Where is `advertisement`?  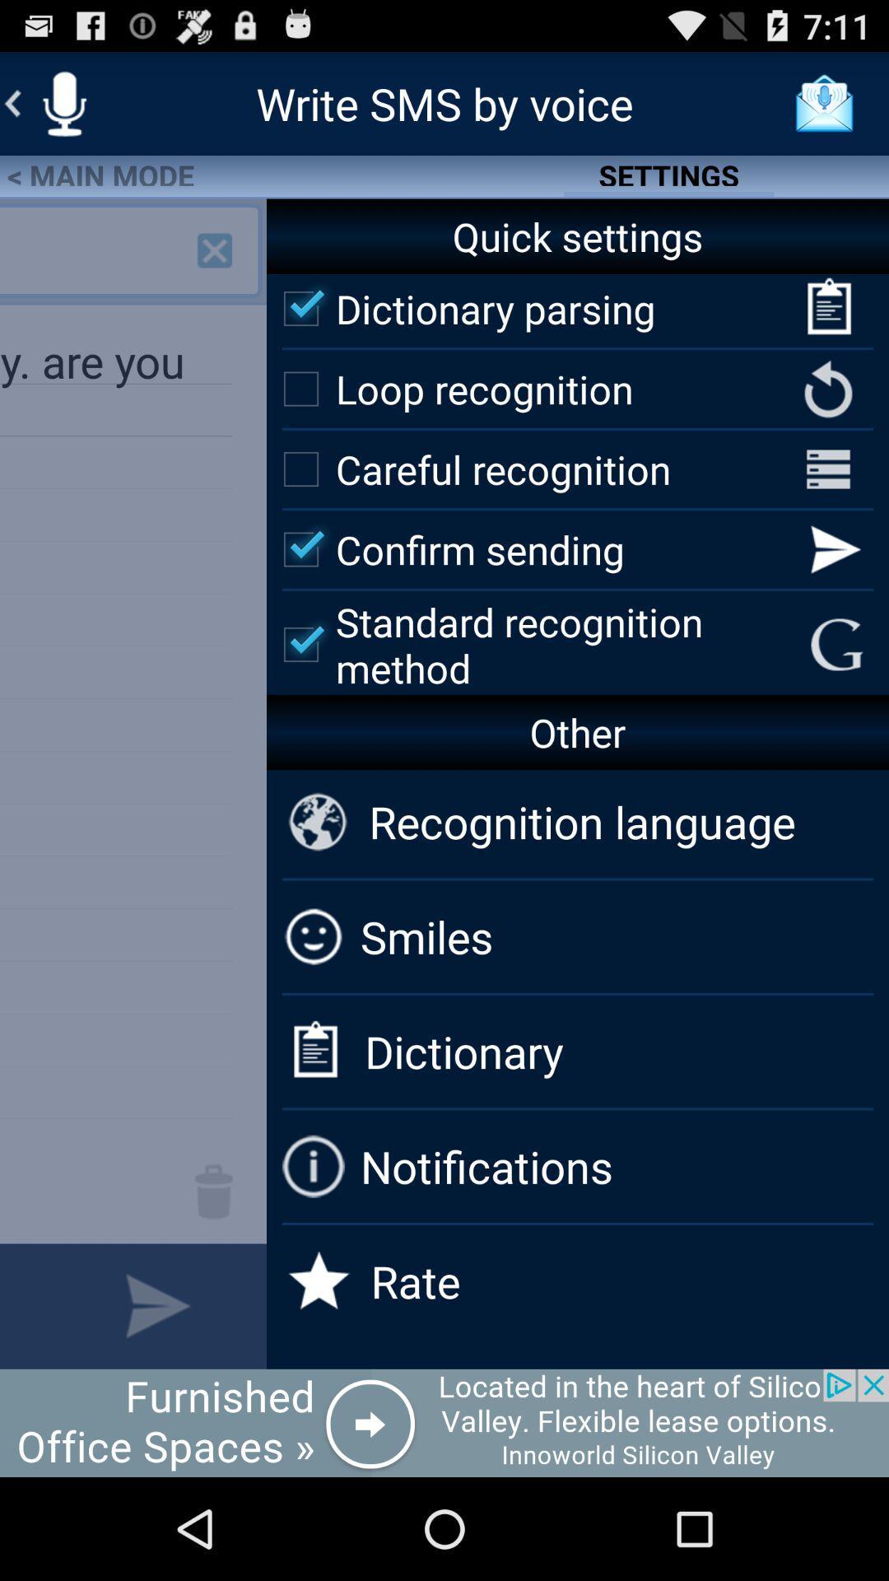
advertisement is located at coordinates (444, 1422).